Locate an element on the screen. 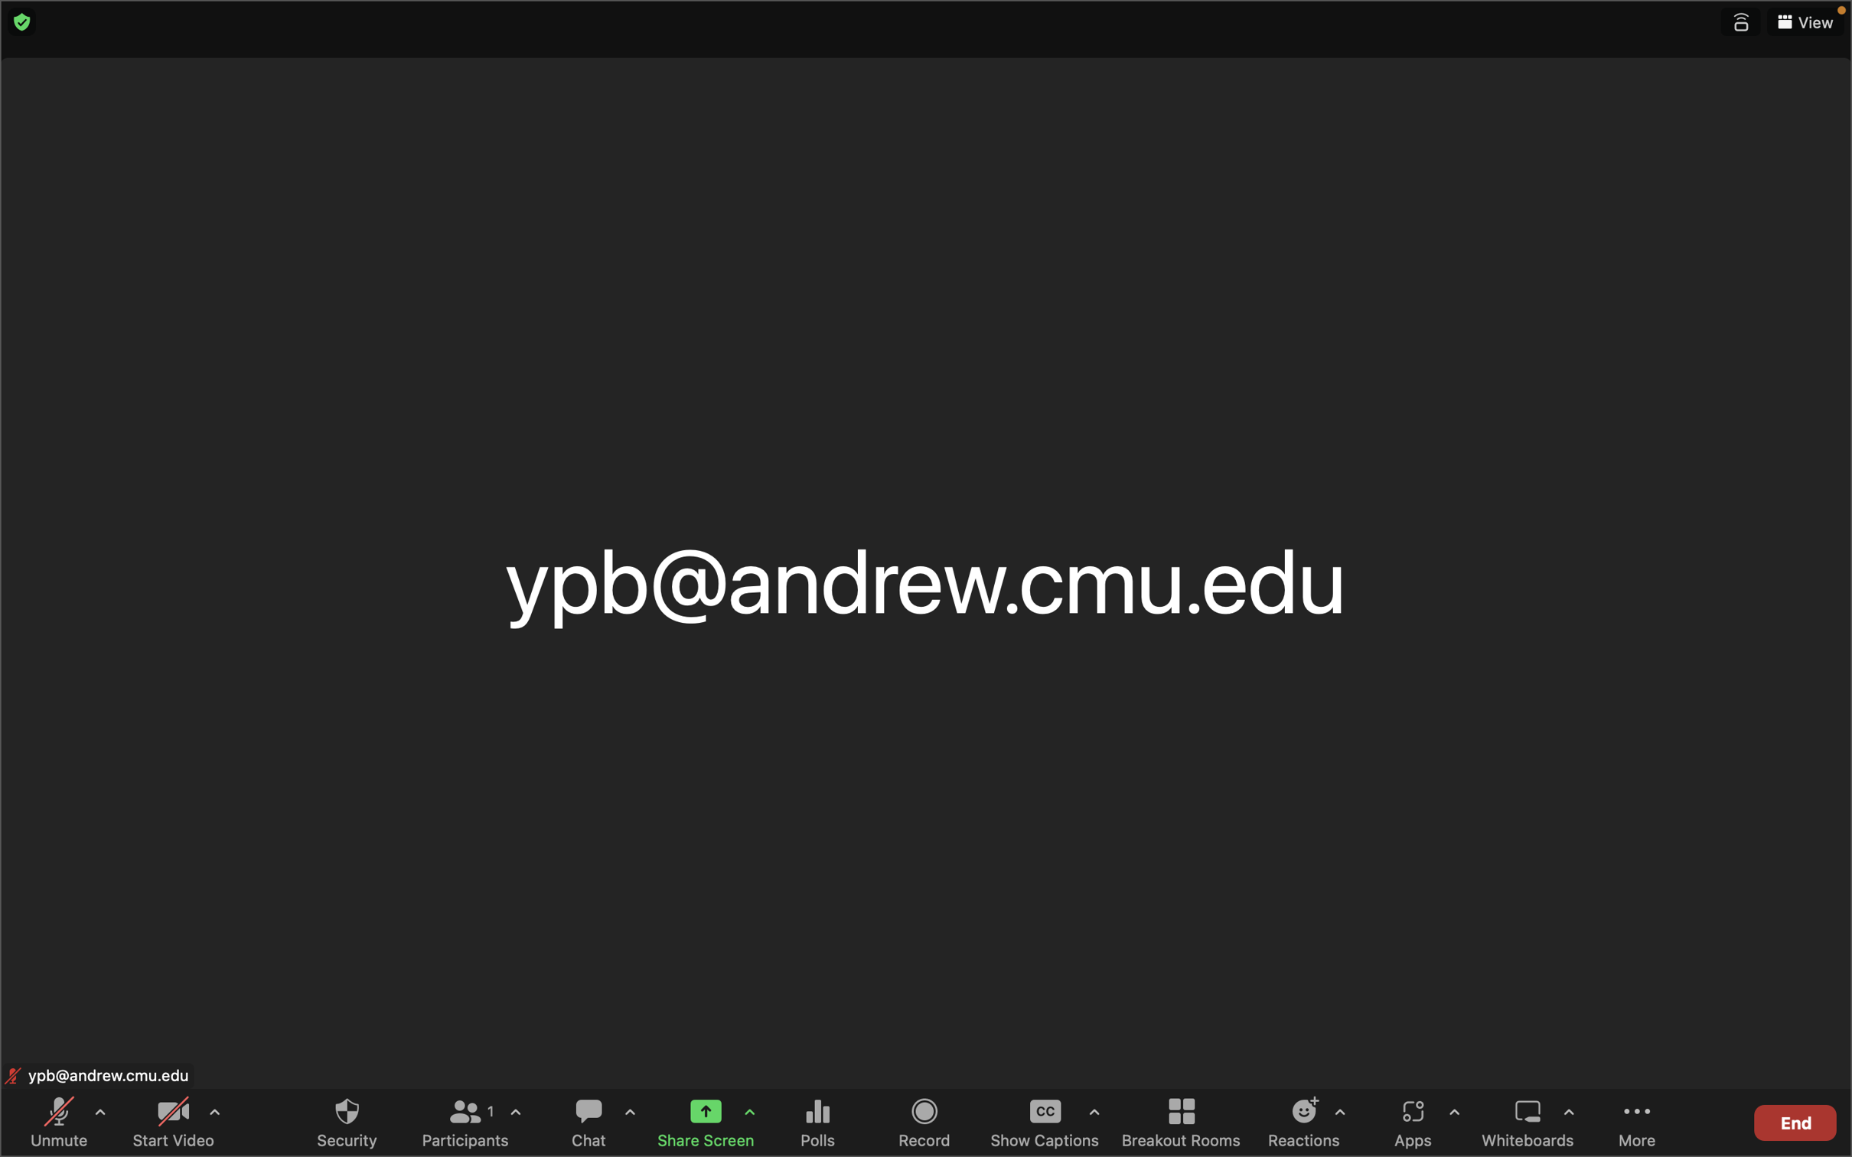 This screenshot has height=1157, width=1852. the security settings is located at coordinates (346, 1121).